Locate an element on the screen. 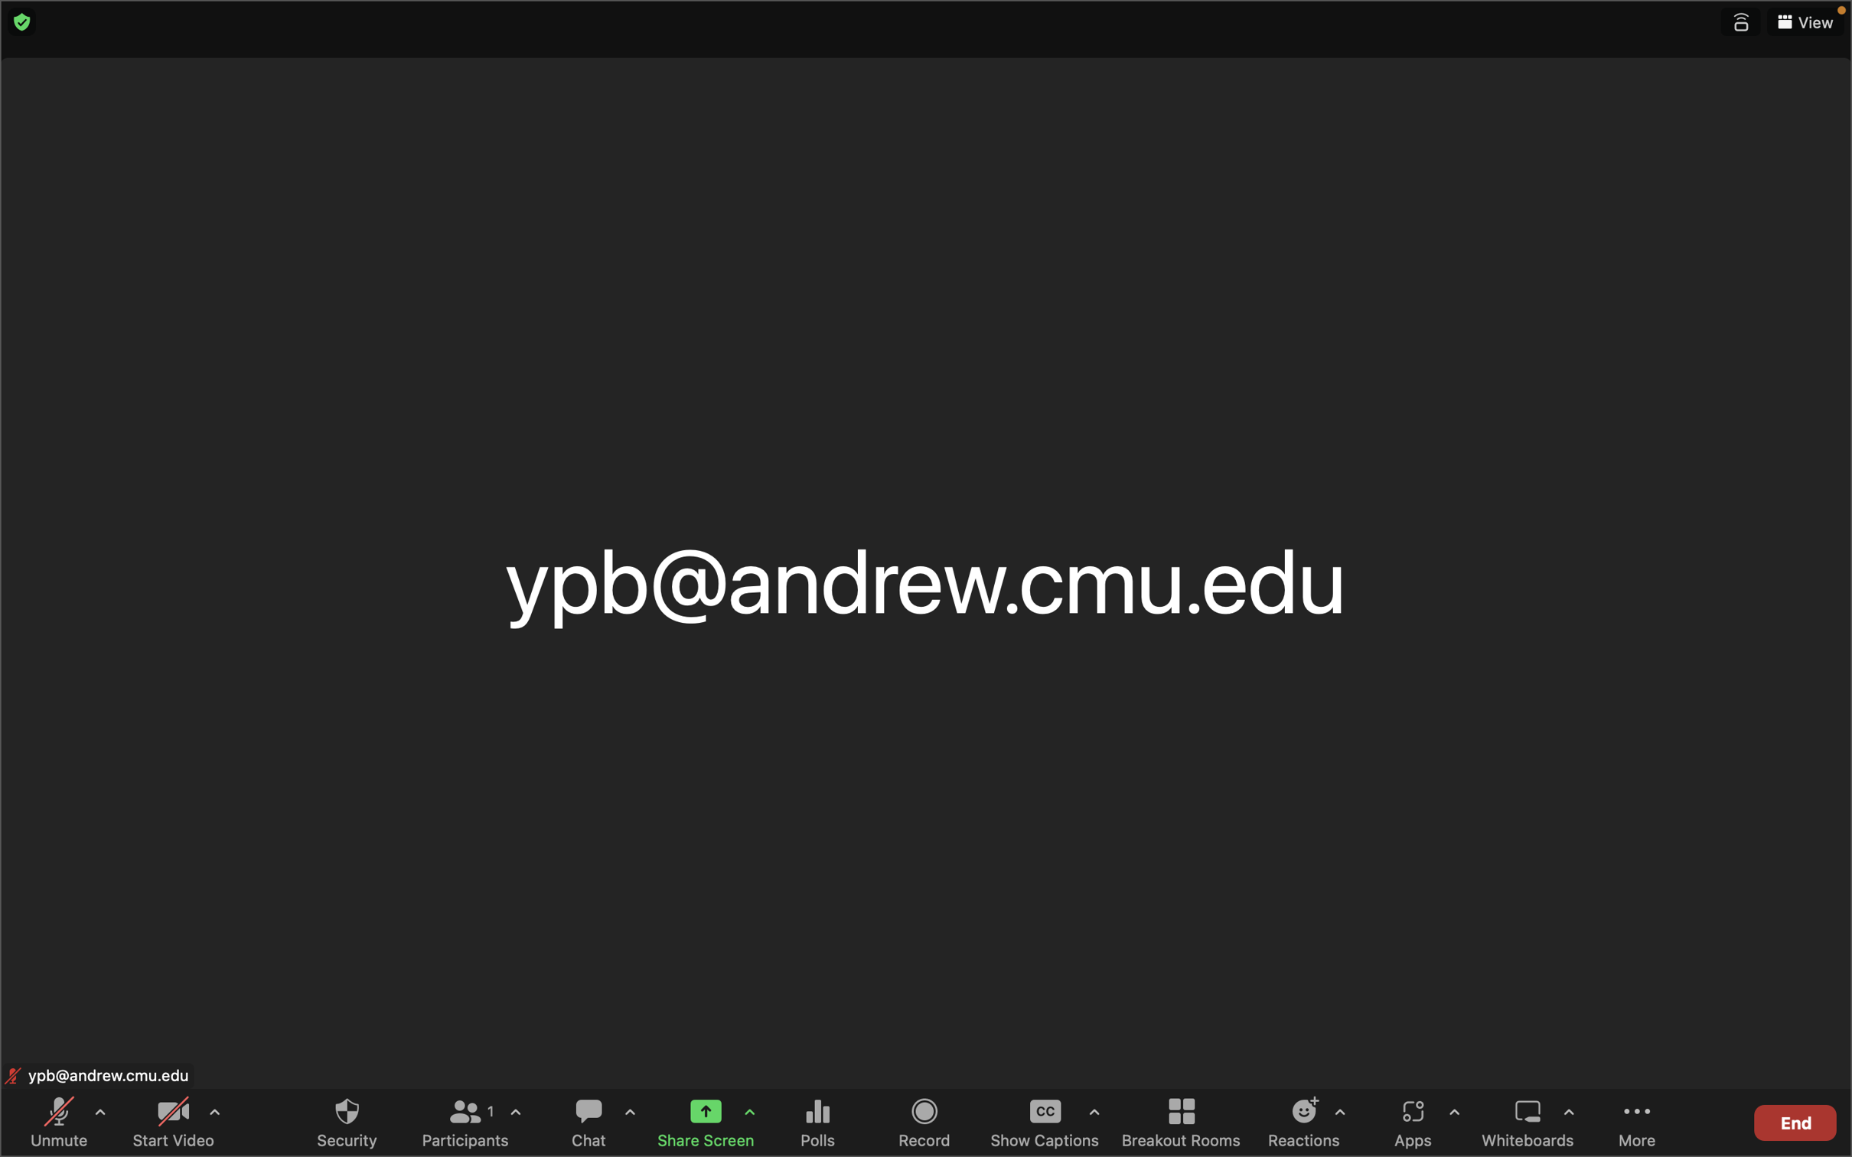 This screenshot has height=1157, width=1852. the security settings is located at coordinates (346, 1121).